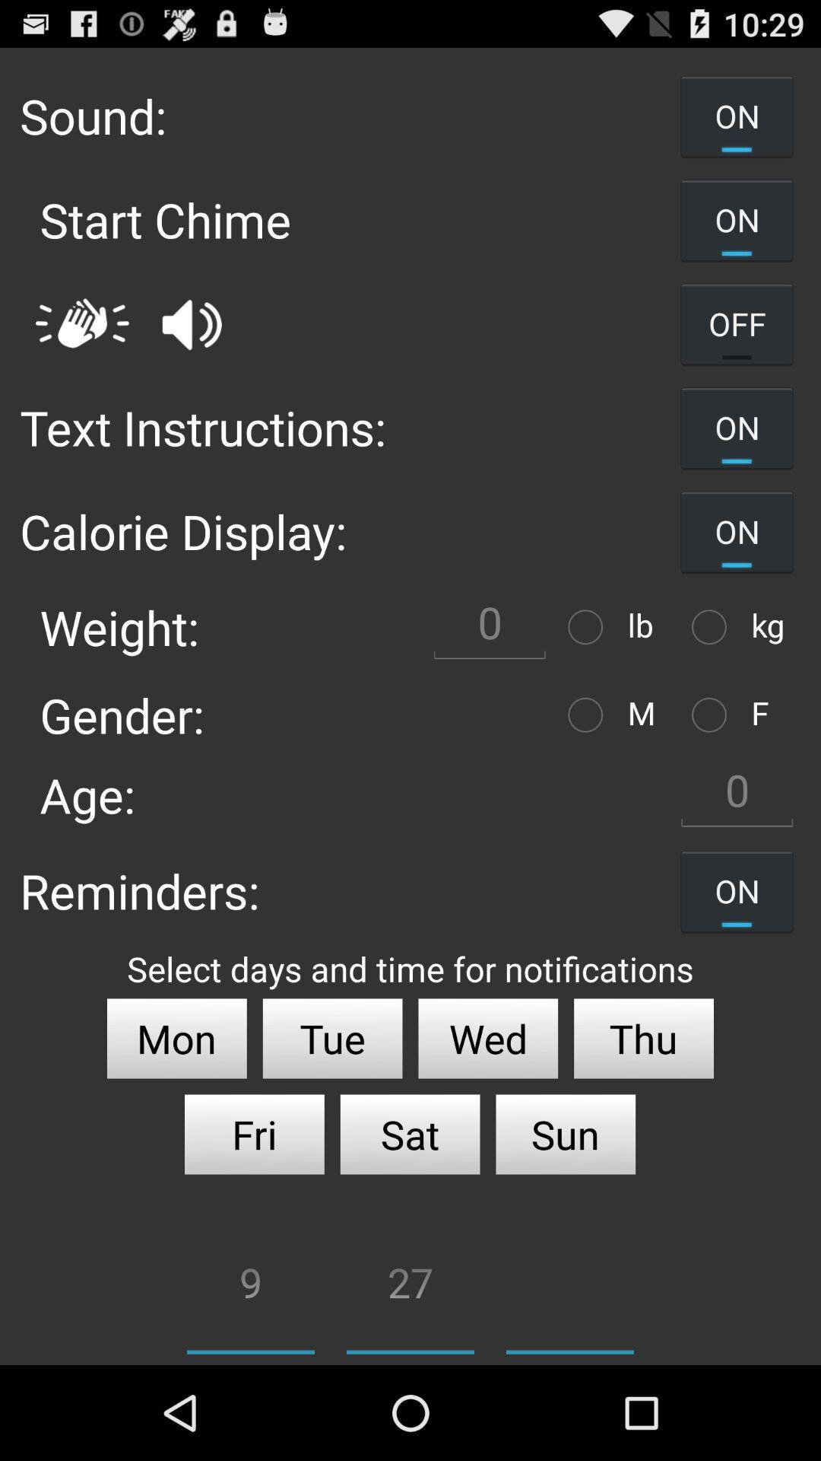  I want to click on weight in lb box, so click(490, 627).